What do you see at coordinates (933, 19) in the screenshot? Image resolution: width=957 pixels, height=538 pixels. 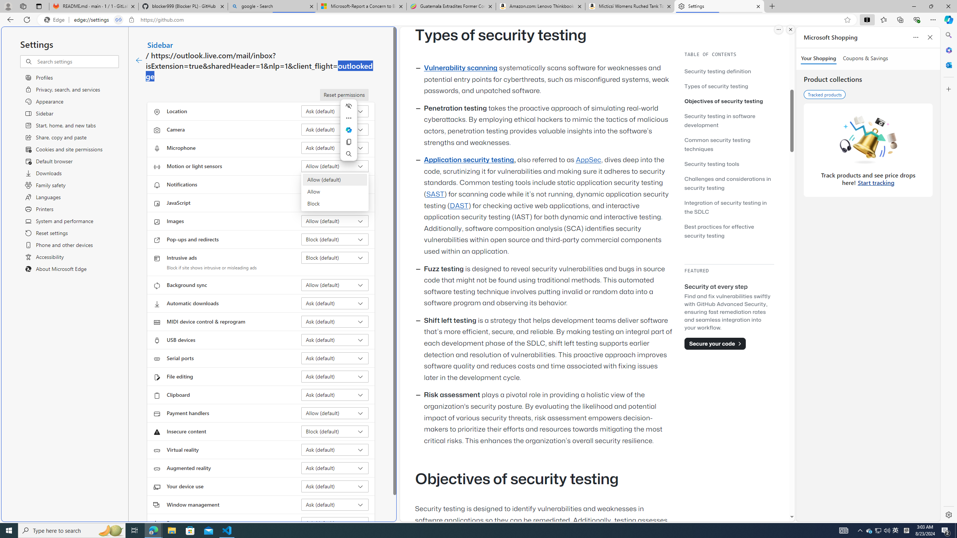 I see `'Settings and more (Alt+F)'` at bounding box center [933, 19].